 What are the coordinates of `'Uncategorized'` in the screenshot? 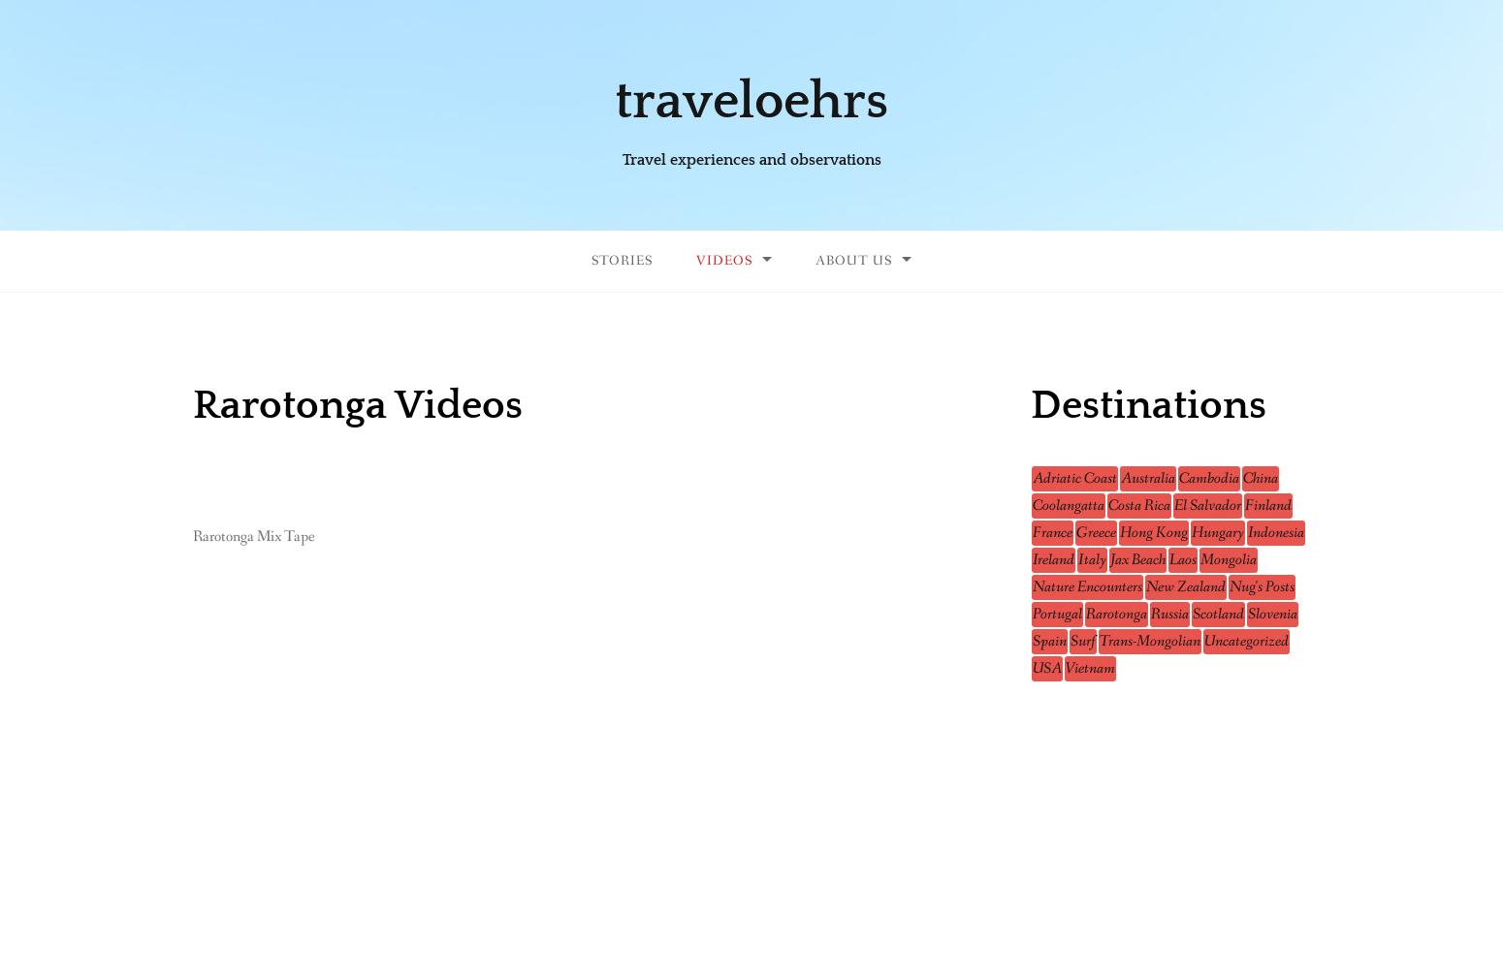 It's located at (1245, 641).